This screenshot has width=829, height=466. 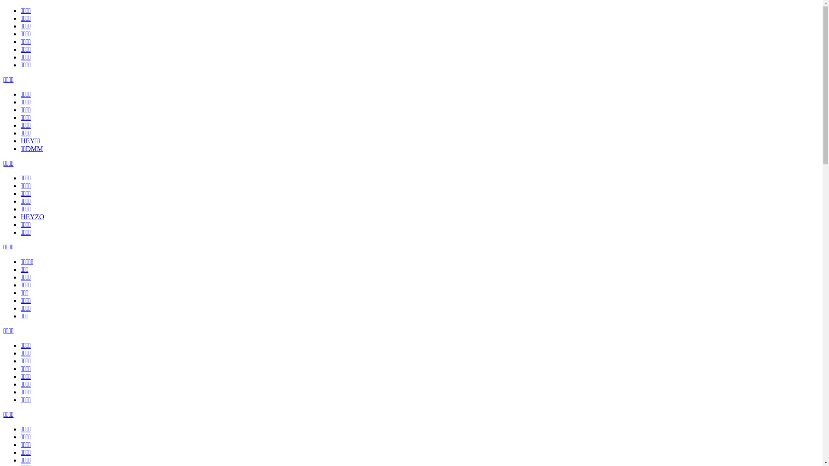 I want to click on 'HEYZO', so click(x=32, y=216).